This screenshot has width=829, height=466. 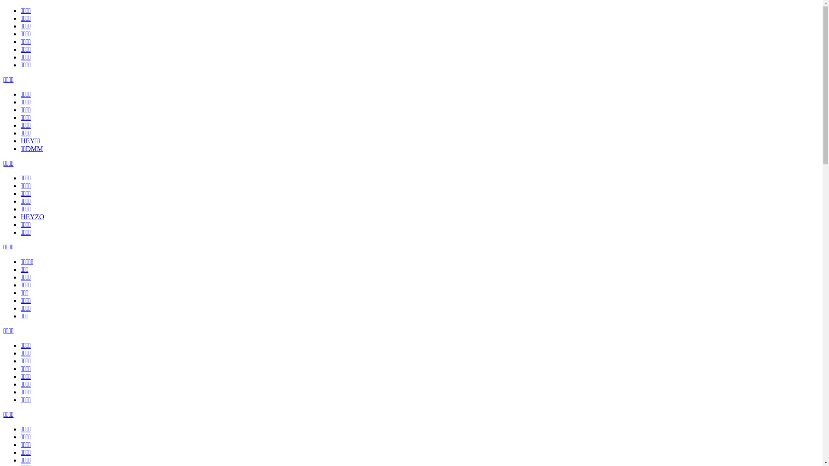 I want to click on 'HEYZO', so click(x=32, y=216).